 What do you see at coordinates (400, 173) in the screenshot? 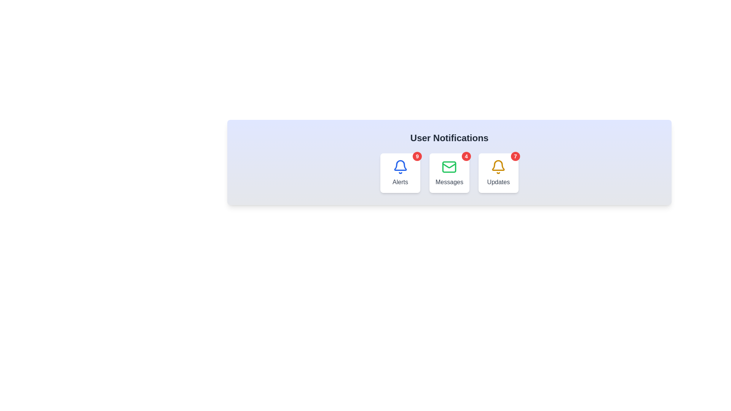
I see `the card element featuring a blue bell icon and a red badge with '9'` at bounding box center [400, 173].